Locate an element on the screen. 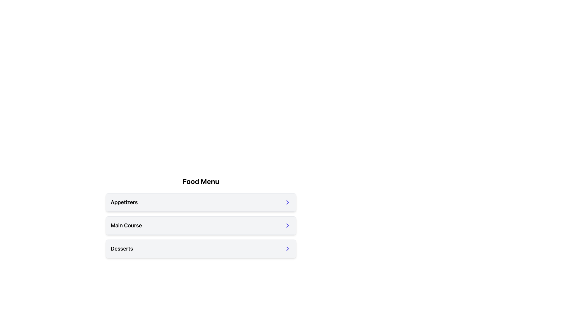 This screenshot has height=321, width=570. the 'Desserts' static text label which serves as the title for the desserts section of the menu is located at coordinates (121, 249).